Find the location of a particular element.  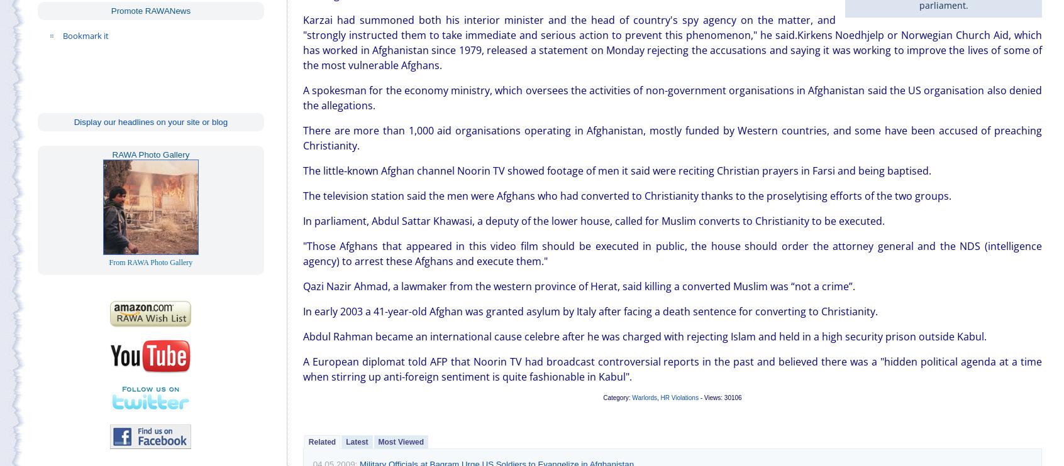

'HR Violations' is located at coordinates (660, 397).